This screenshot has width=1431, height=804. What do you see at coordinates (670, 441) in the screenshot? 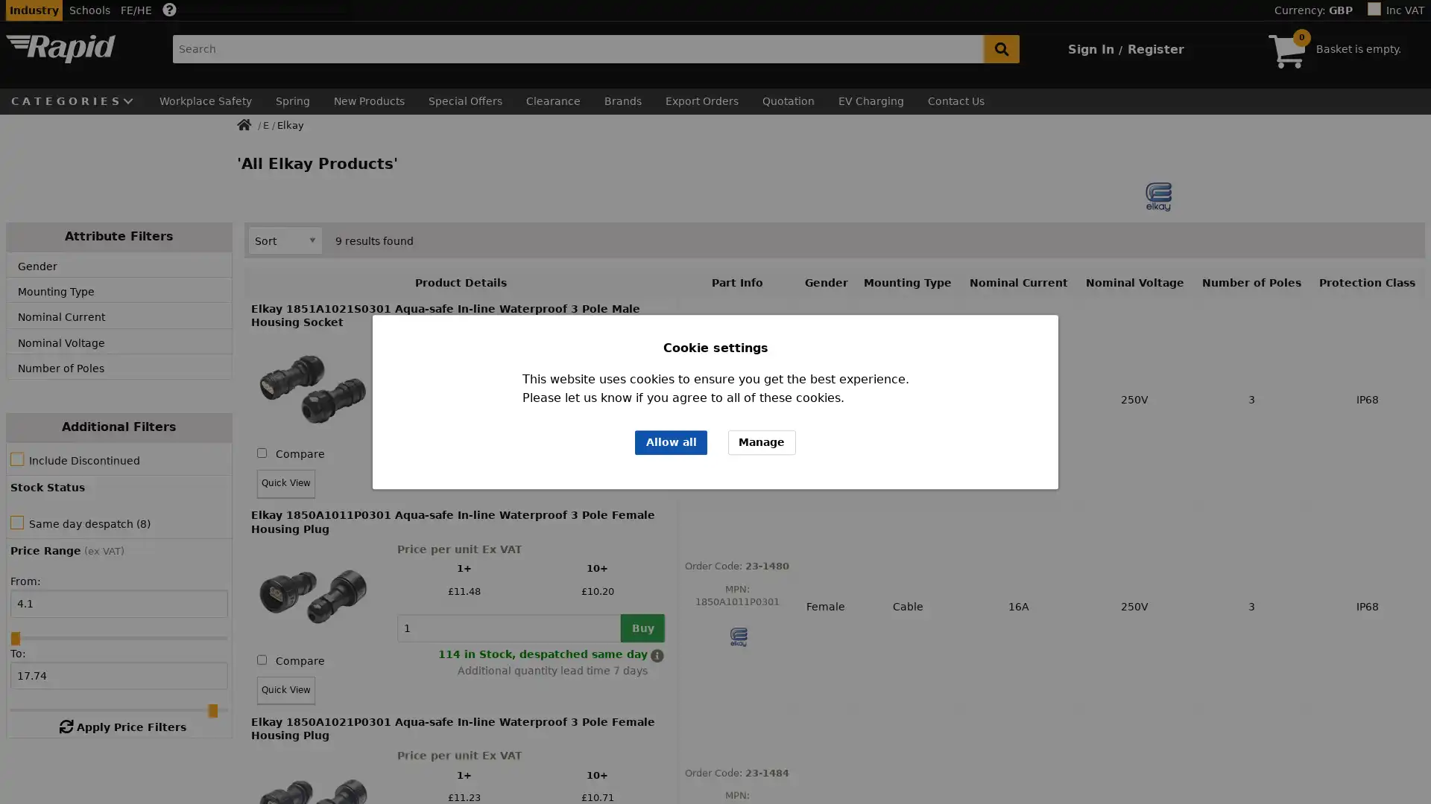
I see `Allow all` at bounding box center [670, 441].